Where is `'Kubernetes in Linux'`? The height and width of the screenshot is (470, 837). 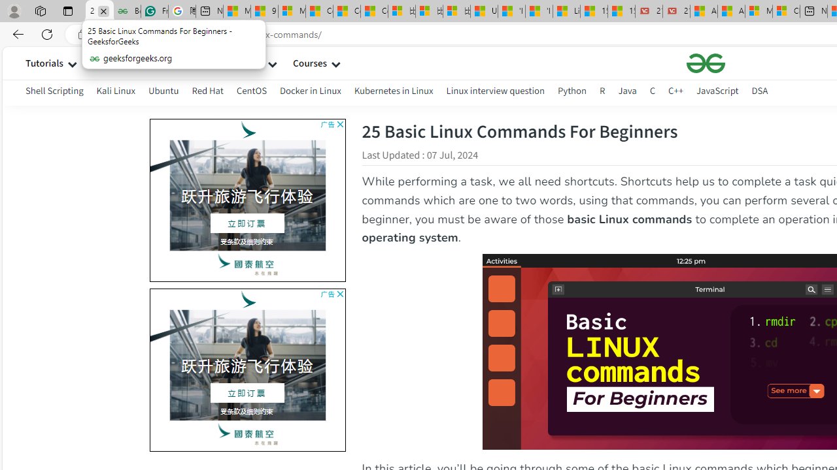 'Kubernetes in Linux' is located at coordinates (393, 90).